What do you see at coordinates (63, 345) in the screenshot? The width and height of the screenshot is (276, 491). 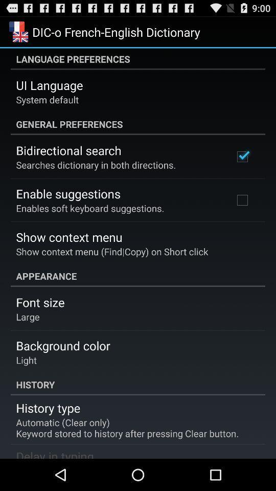 I see `the background color` at bounding box center [63, 345].